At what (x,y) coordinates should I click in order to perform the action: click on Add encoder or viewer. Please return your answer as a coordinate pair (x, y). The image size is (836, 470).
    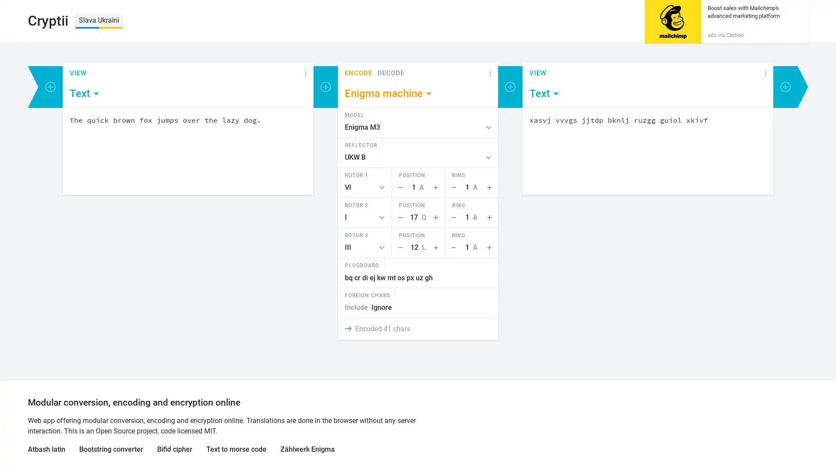
    Looking at the image, I should click on (50, 87).